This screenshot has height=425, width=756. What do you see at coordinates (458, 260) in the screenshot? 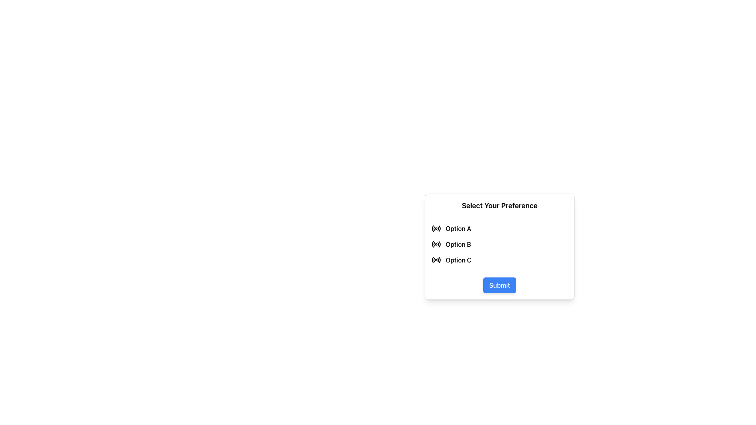
I see `text of the label for the third radio button option in the 'Select Your Preference' group, which is positioned to the right of its associated radio button` at bounding box center [458, 260].